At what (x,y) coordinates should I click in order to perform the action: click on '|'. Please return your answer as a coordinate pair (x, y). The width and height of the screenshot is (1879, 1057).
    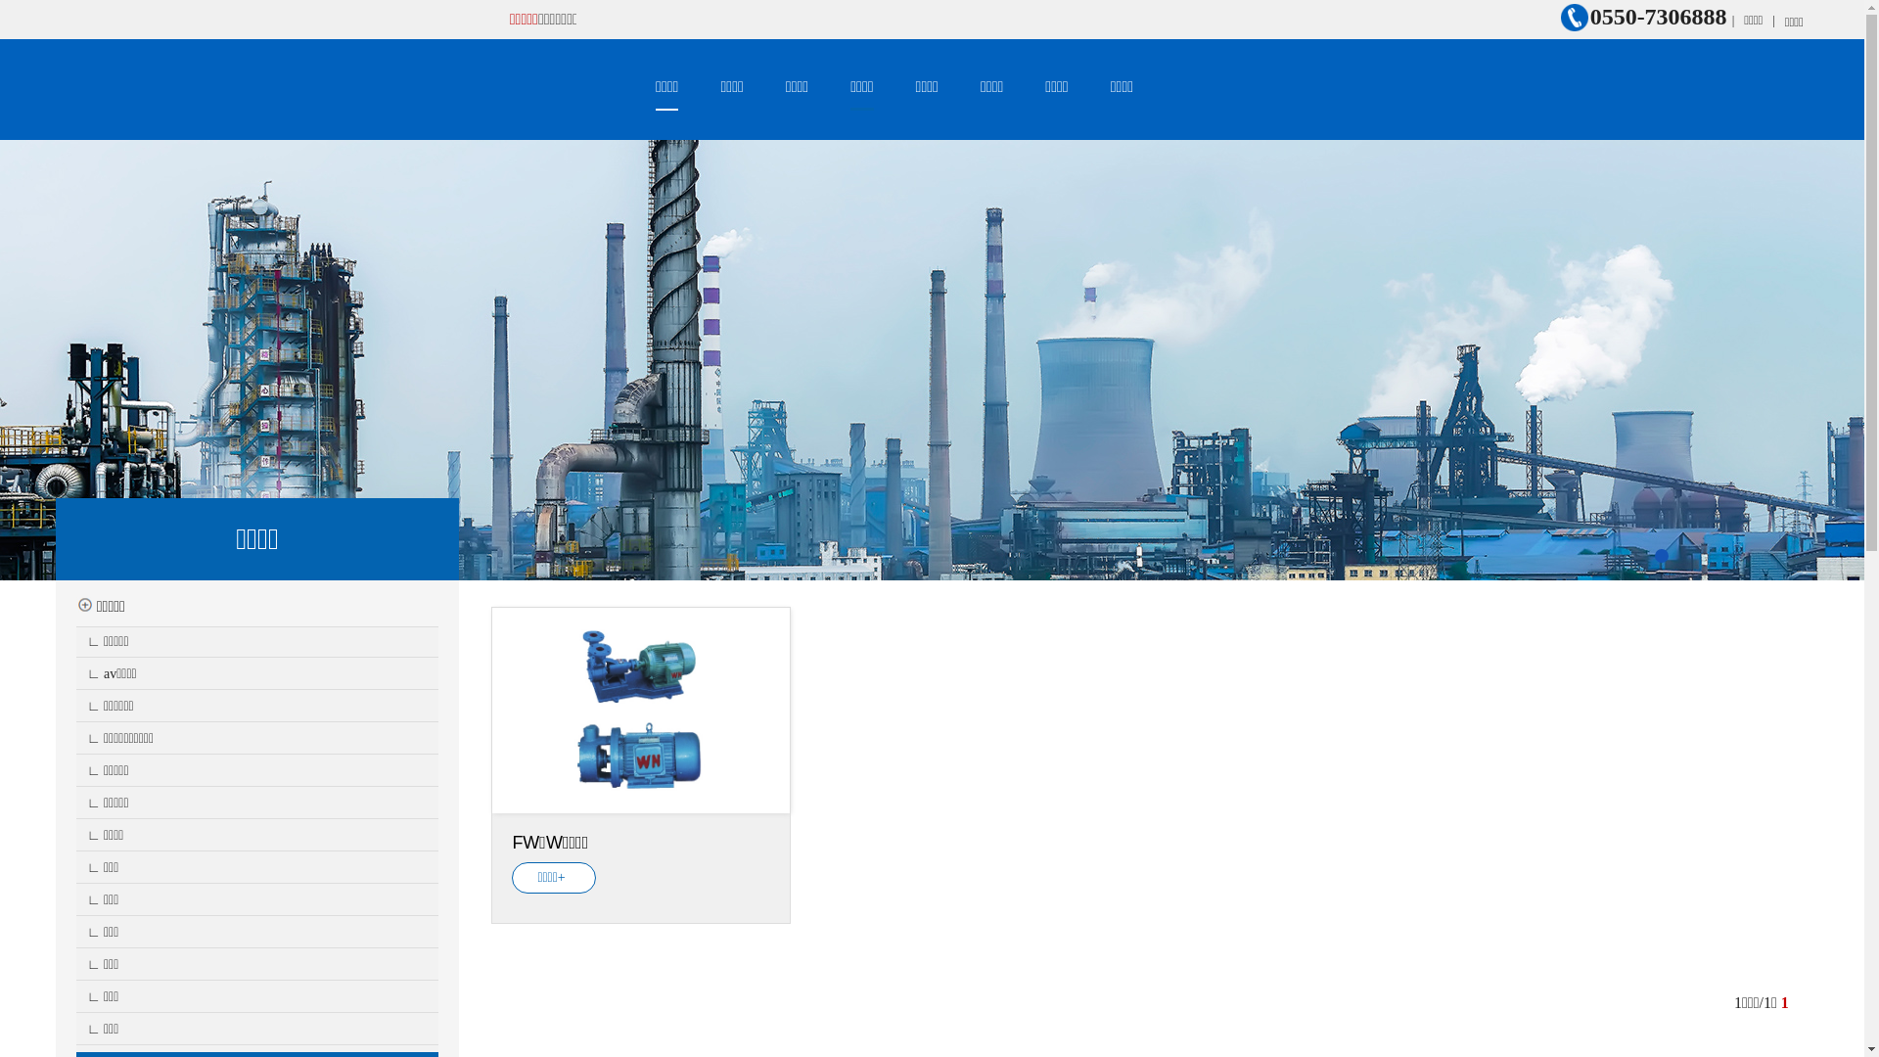
    Looking at the image, I should click on (1773, 20).